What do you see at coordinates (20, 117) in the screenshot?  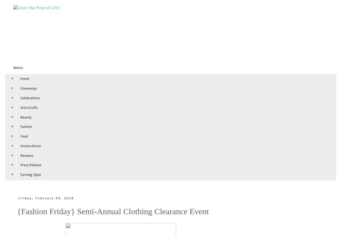 I see `'Beauty'` at bounding box center [20, 117].